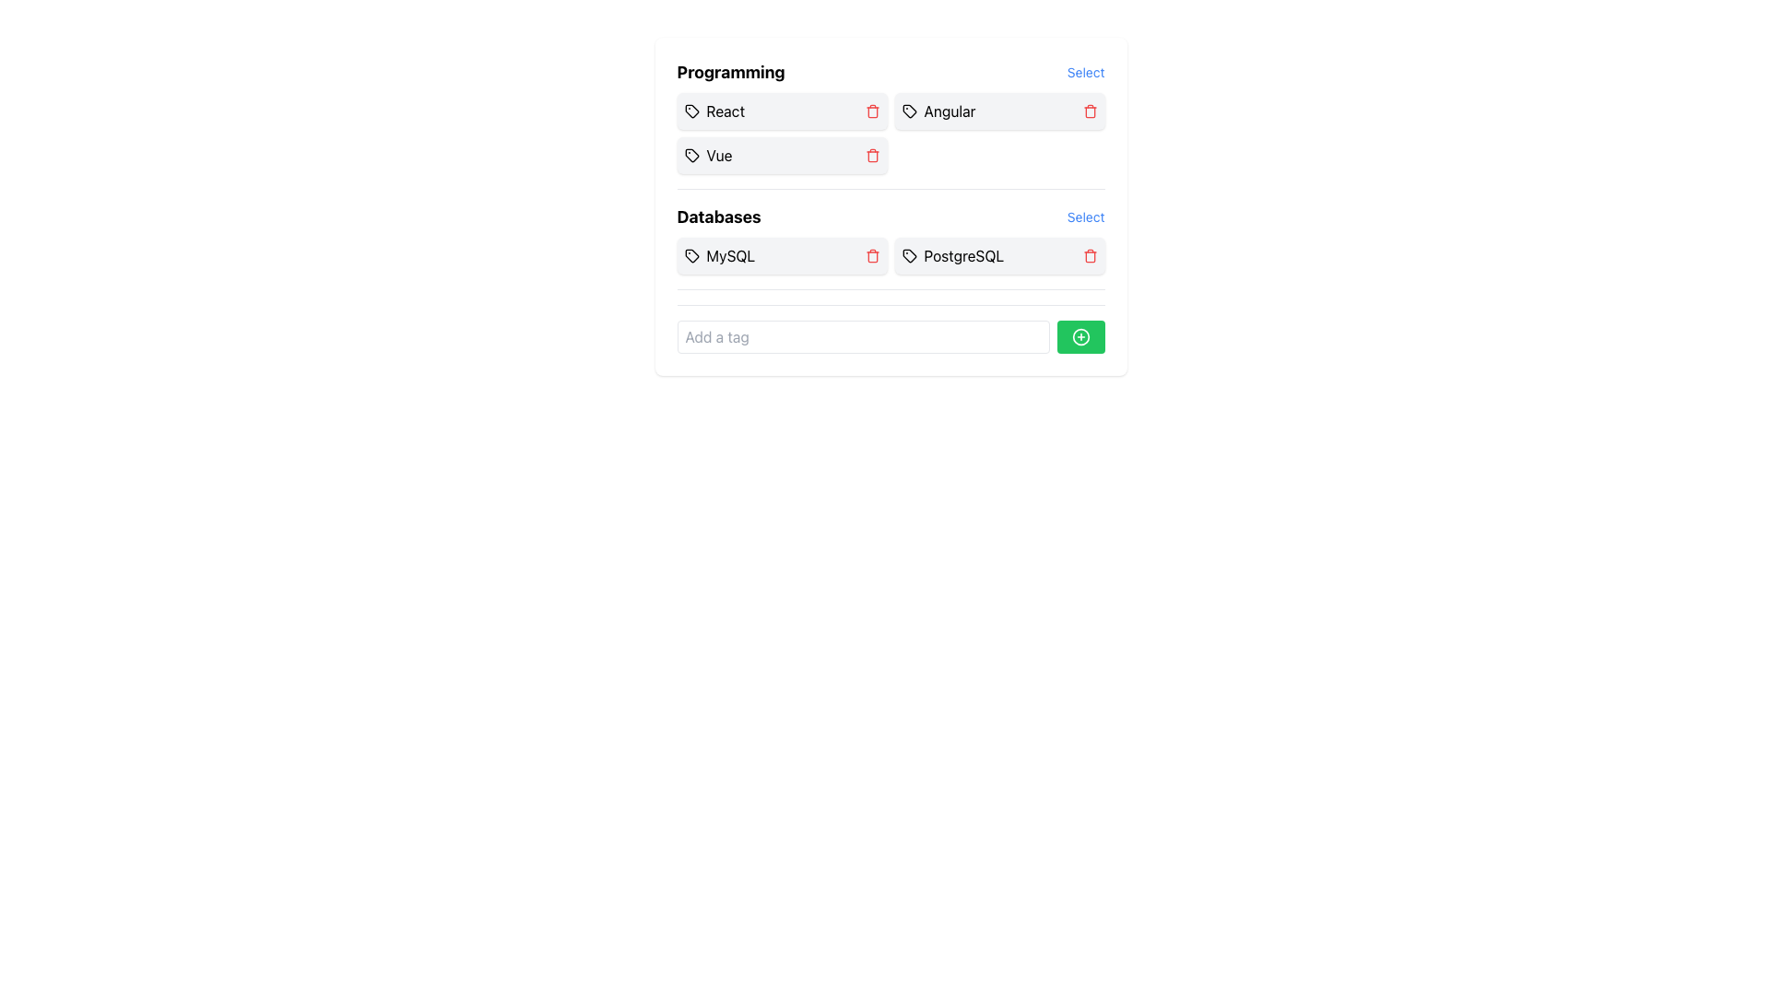  Describe the element at coordinates (871, 111) in the screenshot. I see `the delete button located to the right of the 'React' tag in the 'Programming' section for visual feedback` at that location.